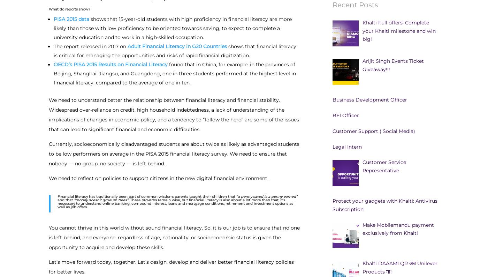 The height and width of the screenshot is (277, 488). I want to click on 'Make Mobilemandu payment exclusively from Khalti', so click(398, 229).